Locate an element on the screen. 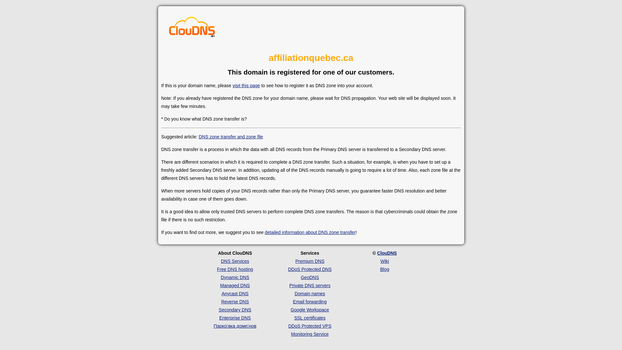 This screenshot has width=622, height=350. 'DNS zone transfer and zone file' is located at coordinates (230, 136).